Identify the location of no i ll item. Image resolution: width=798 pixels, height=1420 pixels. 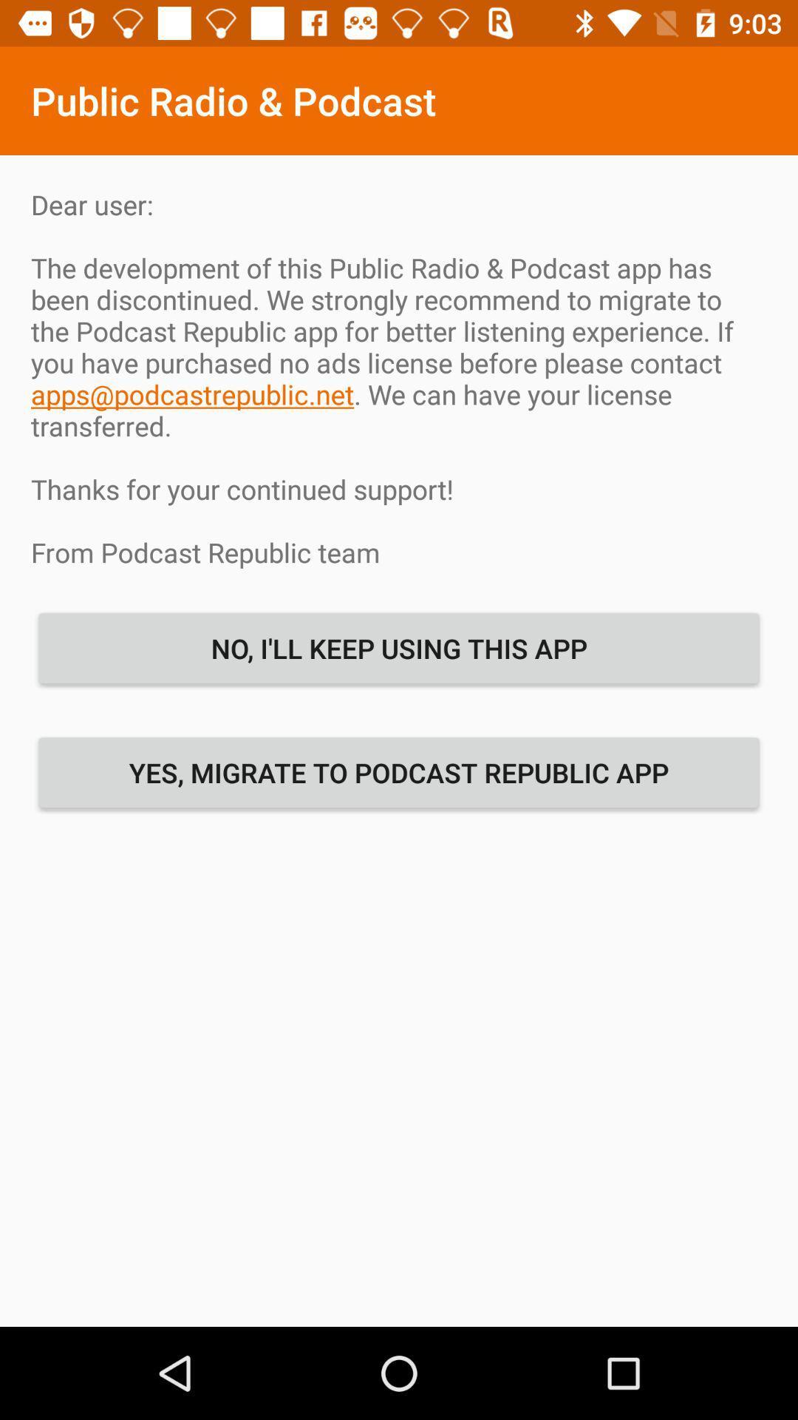
(399, 648).